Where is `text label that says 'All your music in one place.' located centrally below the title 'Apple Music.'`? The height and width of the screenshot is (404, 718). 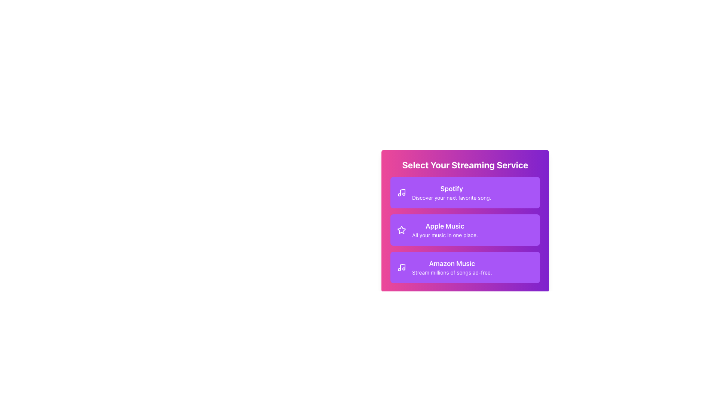
text label that says 'All your music in one place.' located centrally below the title 'Apple Music.' is located at coordinates (445, 235).